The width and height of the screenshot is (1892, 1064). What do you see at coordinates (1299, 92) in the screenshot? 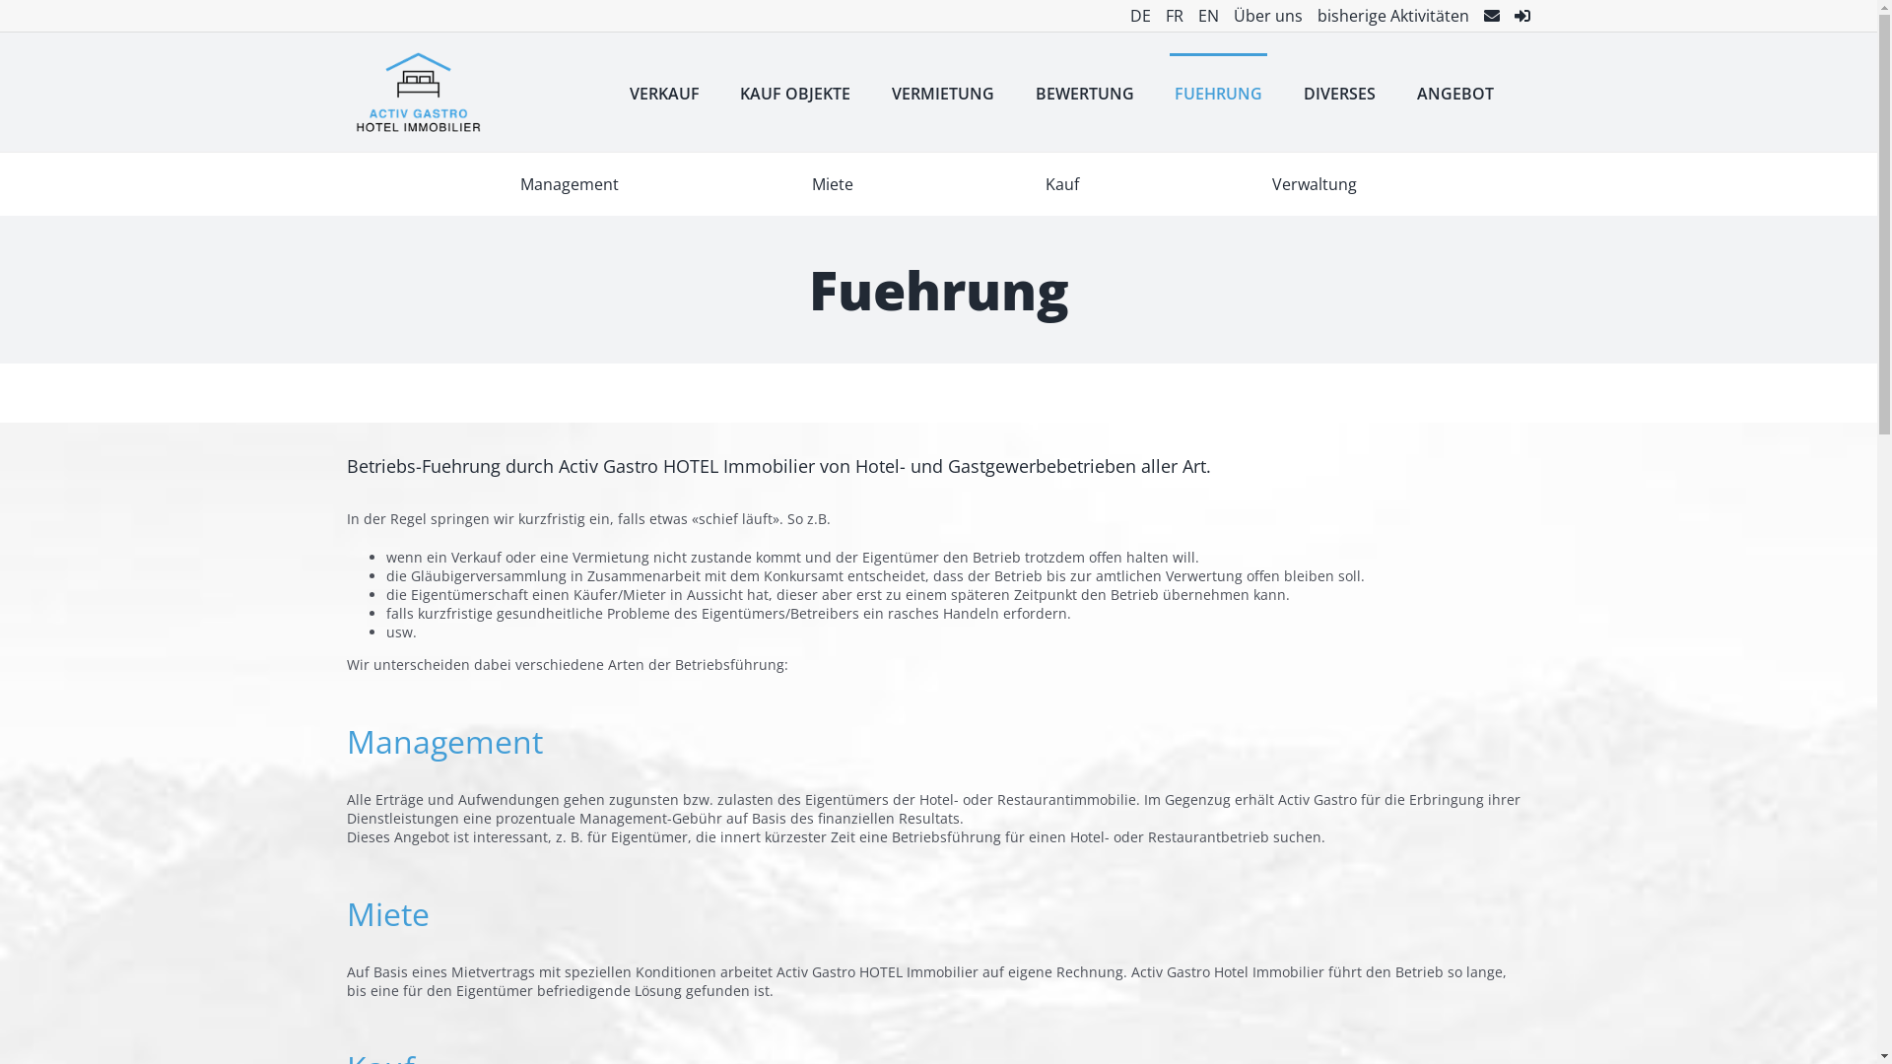
I see `'DIVERSES'` at bounding box center [1299, 92].